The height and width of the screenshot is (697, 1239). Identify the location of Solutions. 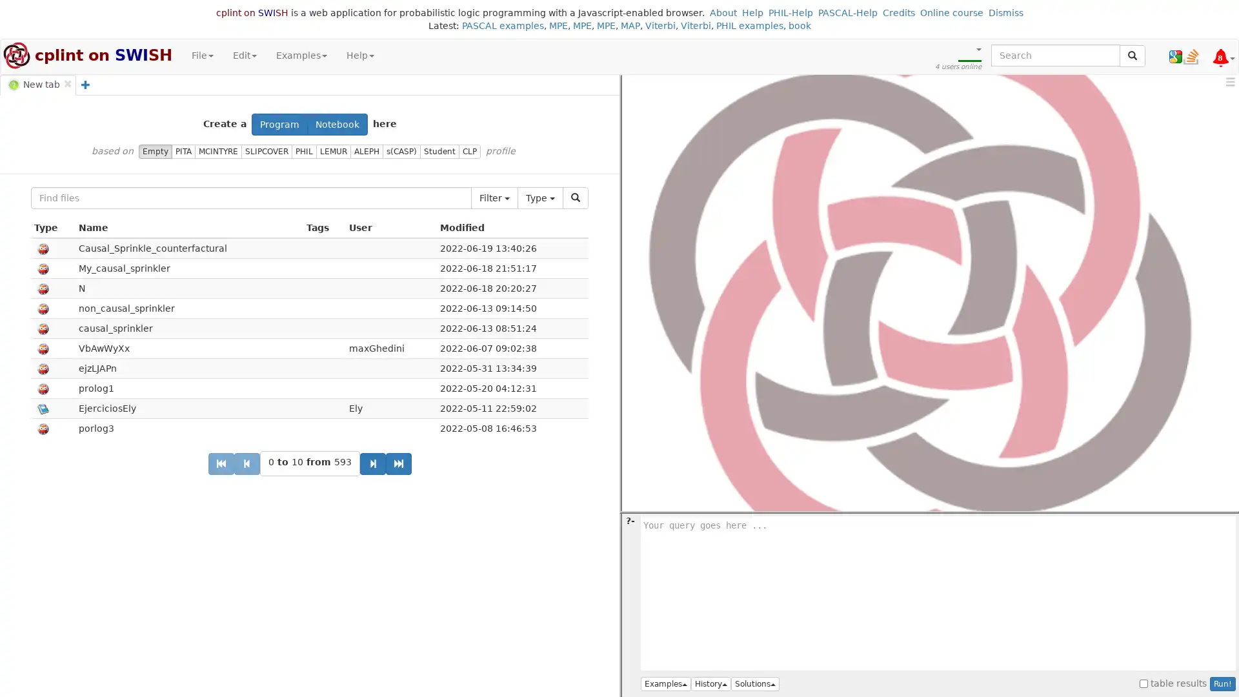
(755, 683).